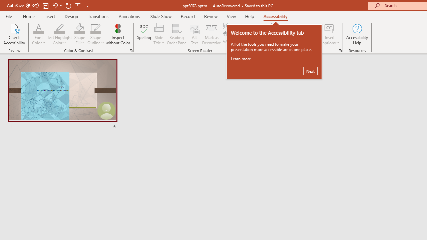  What do you see at coordinates (131, 50) in the screenshot?
I see `'Color & Contrast'` at bounding box center [131, 50].